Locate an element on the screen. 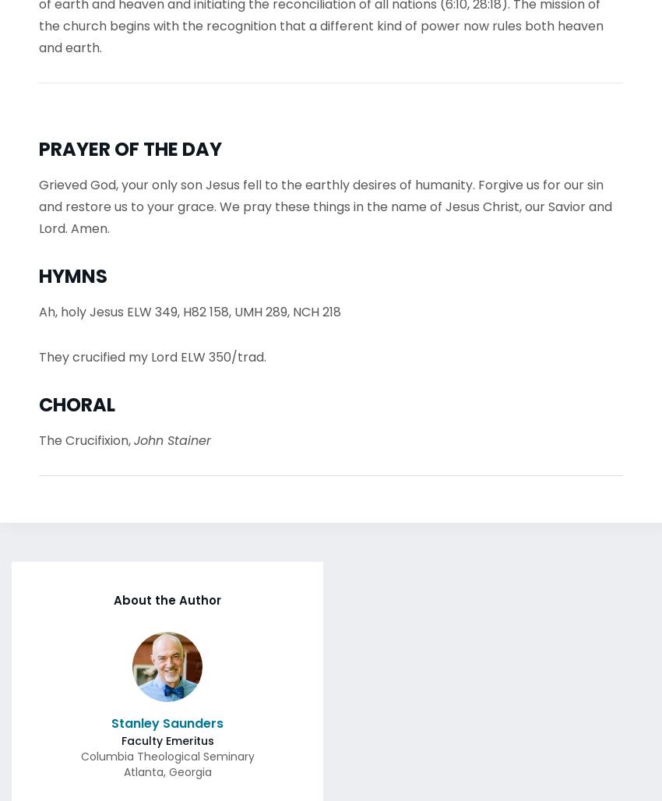  'Ah, holy Jesus ELW 349, H82 158, UMH 289, NCH 218' is located at coordinates (190, 307).